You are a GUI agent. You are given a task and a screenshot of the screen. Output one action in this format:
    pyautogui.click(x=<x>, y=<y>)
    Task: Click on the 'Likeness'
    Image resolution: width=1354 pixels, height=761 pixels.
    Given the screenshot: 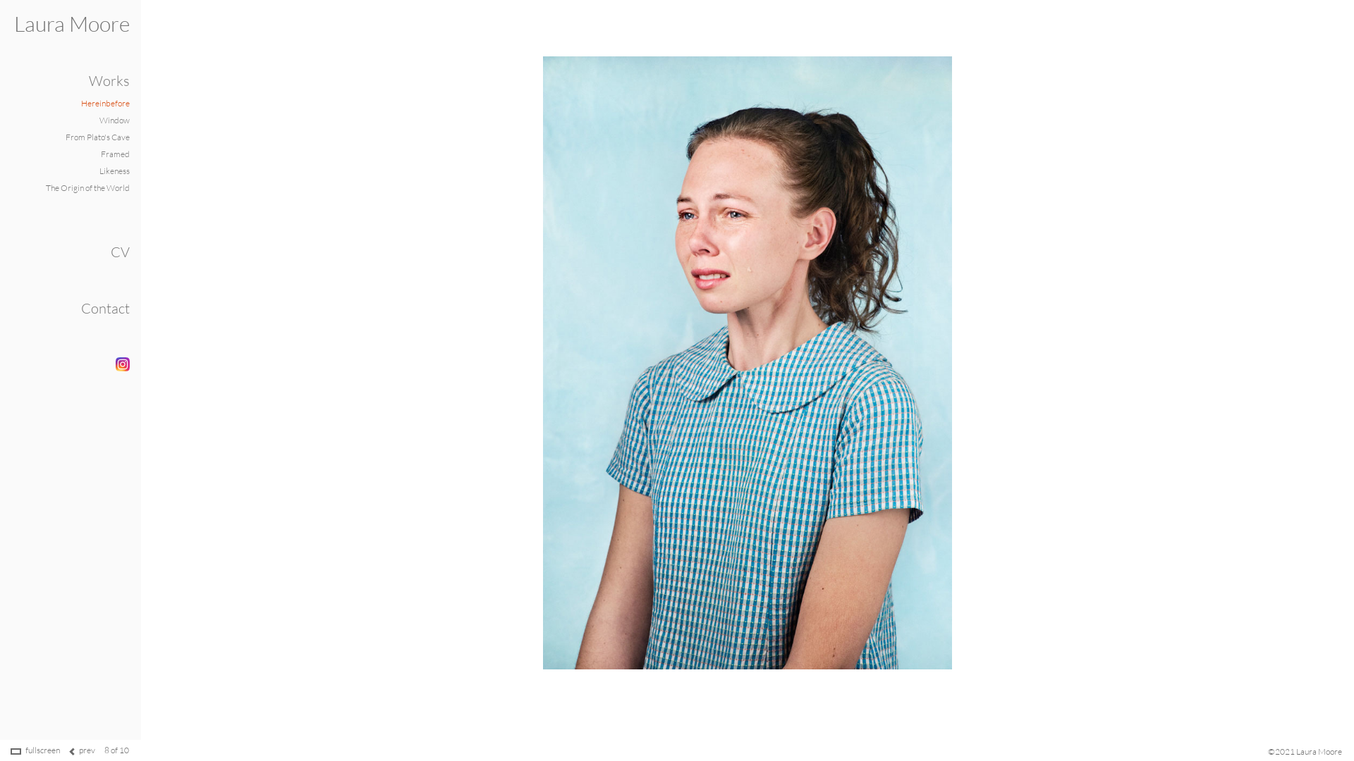 What is the action you would take?
    pyautogui.click(x=114, y=170)
    